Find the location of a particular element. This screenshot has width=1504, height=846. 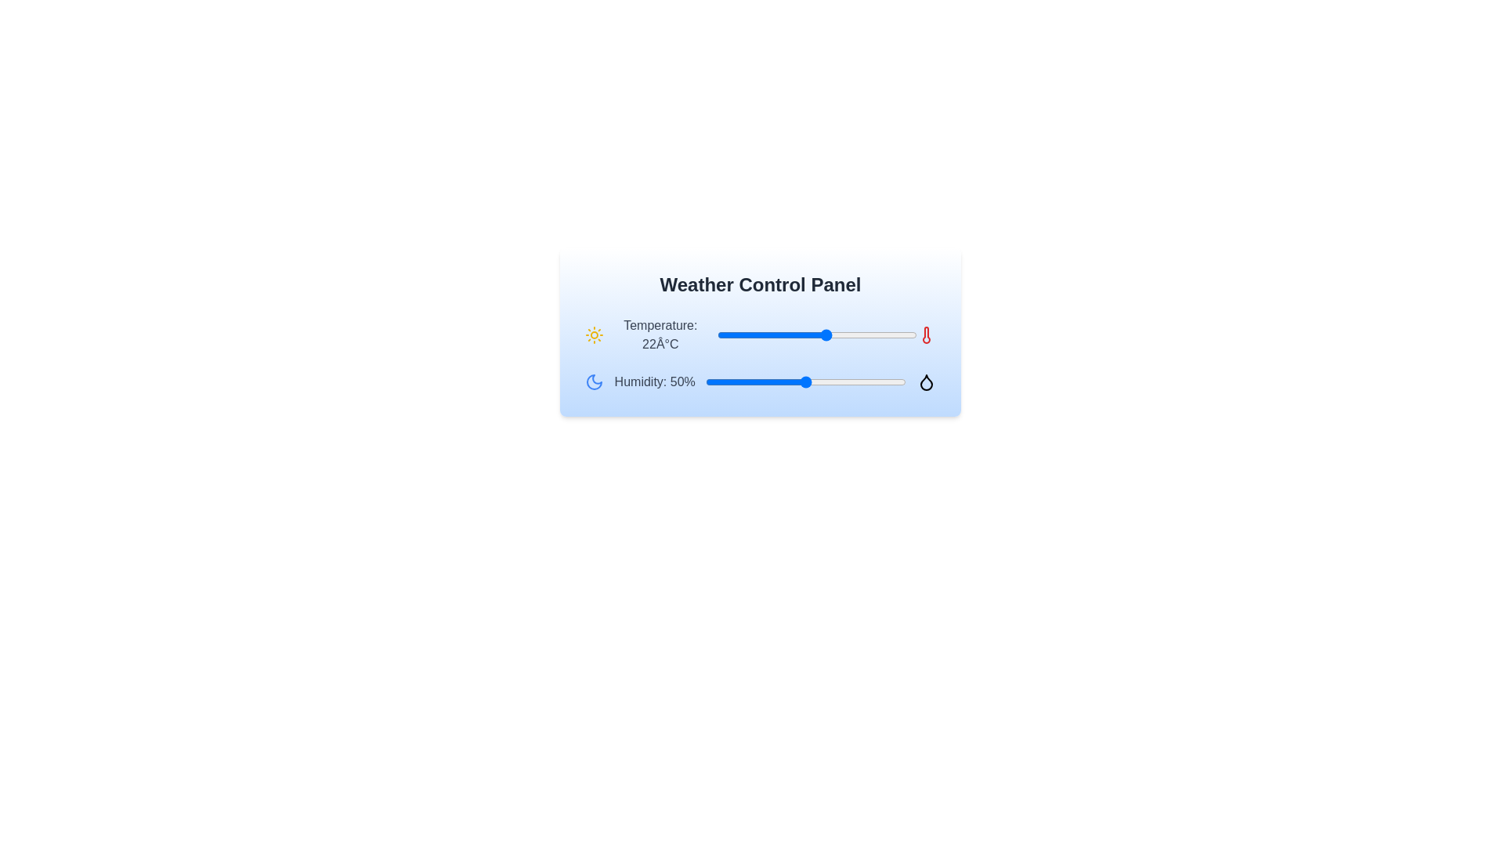

the temperature slider to set the temperature to 35°C is located at coordinates (892, 334).